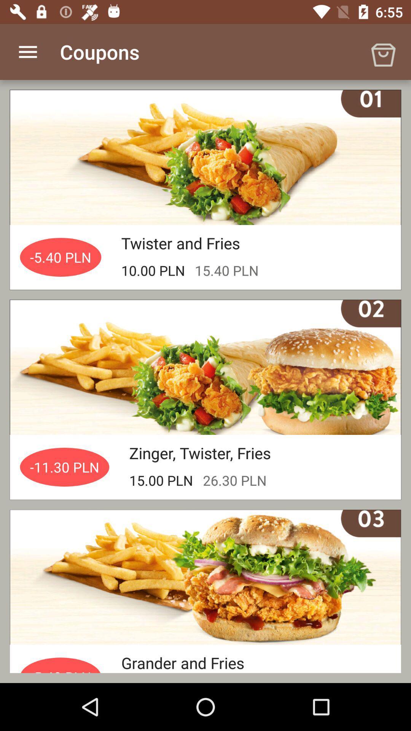  I want to click on item next to the coupons icon, so click(383, 51).